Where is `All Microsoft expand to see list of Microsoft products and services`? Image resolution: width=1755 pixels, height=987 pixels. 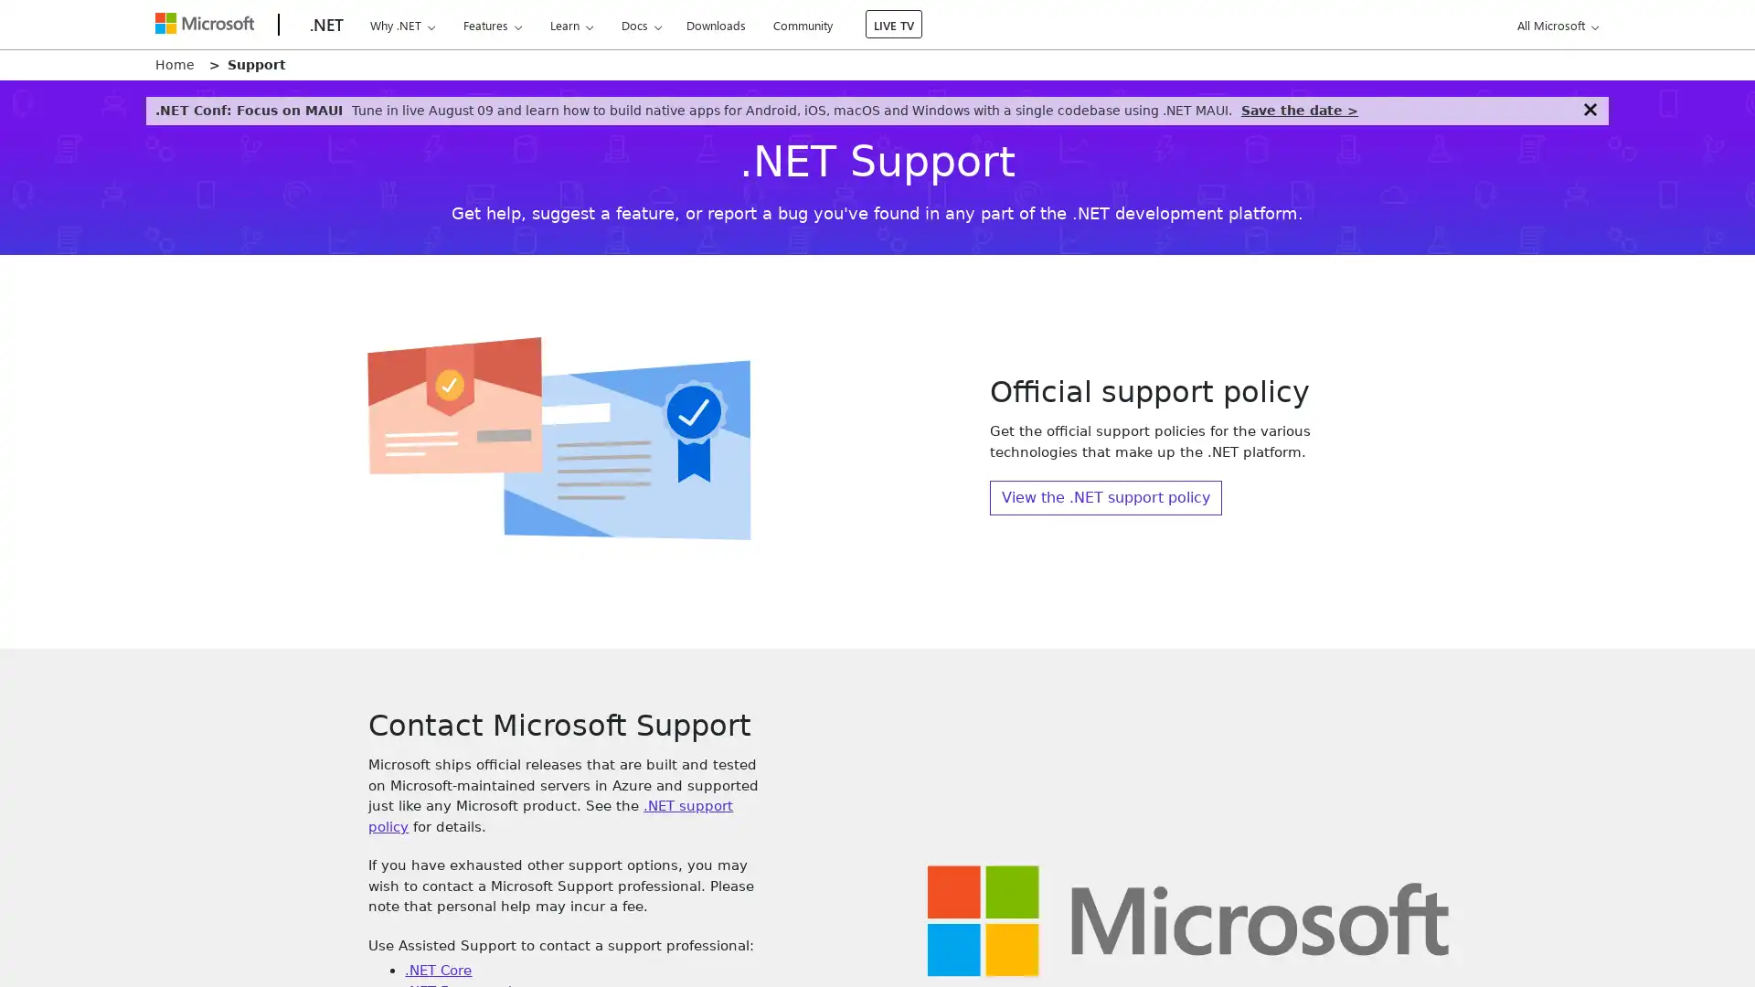 All Microsoft expand to see list of Microsoft products and services is located at coordinates (1554, 25).